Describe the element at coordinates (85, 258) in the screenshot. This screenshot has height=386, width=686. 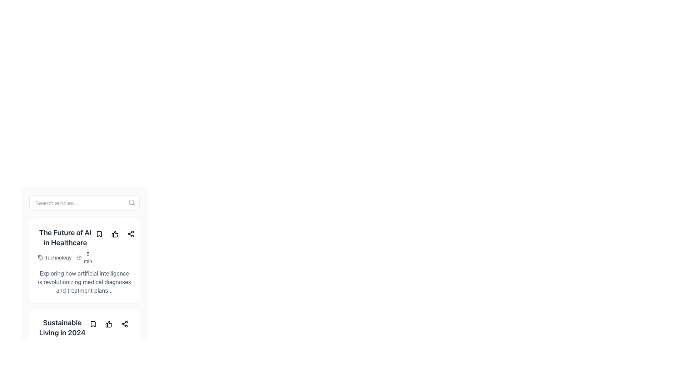
I see `the label with icon indicating estimated reading duration for the associated article, positioned to the right of the 'Technology' label in the metadata section` at that location.